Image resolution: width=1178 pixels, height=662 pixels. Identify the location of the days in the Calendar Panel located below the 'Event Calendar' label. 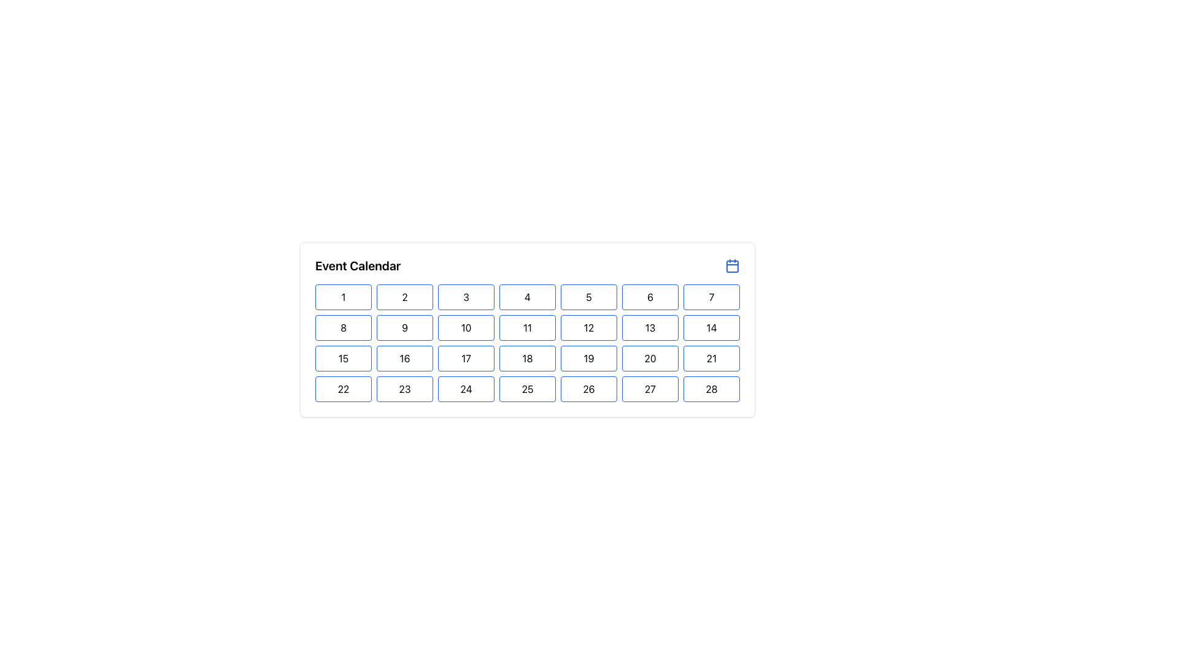
(527, 357).